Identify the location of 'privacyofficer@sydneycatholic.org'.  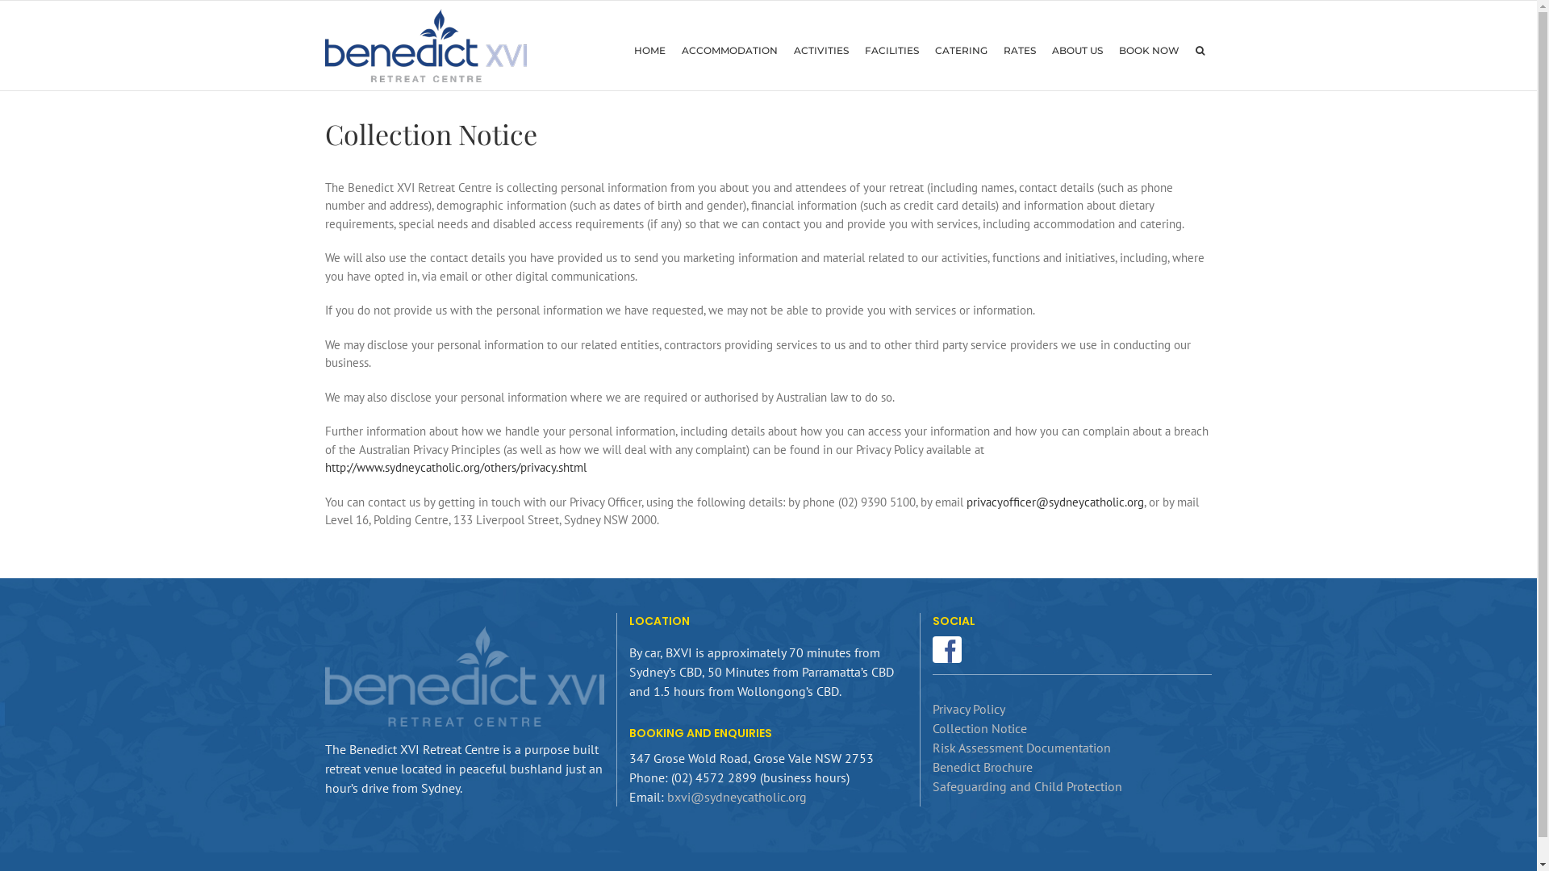
(1054, 501).